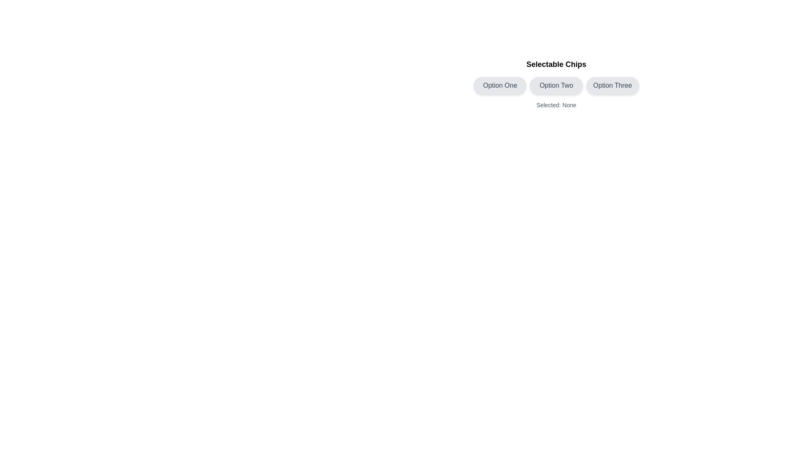 Image resolution: width=799 pixels, height=449 pixels. Describe the element at coordinates (613, 85) in the screenshot. I see `the text label 'Option Three'` at that location.